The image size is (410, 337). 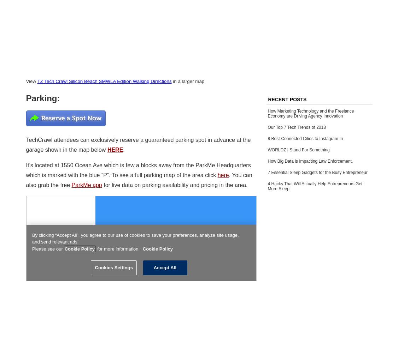 I want to click on 'View', so click(x=25, y=81).